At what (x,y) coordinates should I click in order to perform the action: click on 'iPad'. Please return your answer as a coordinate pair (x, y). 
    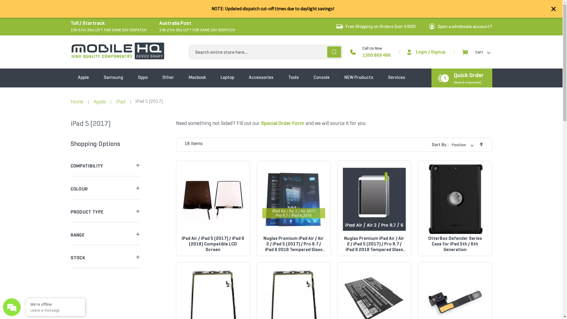
    Looking at the image, I should click on (120, 101).